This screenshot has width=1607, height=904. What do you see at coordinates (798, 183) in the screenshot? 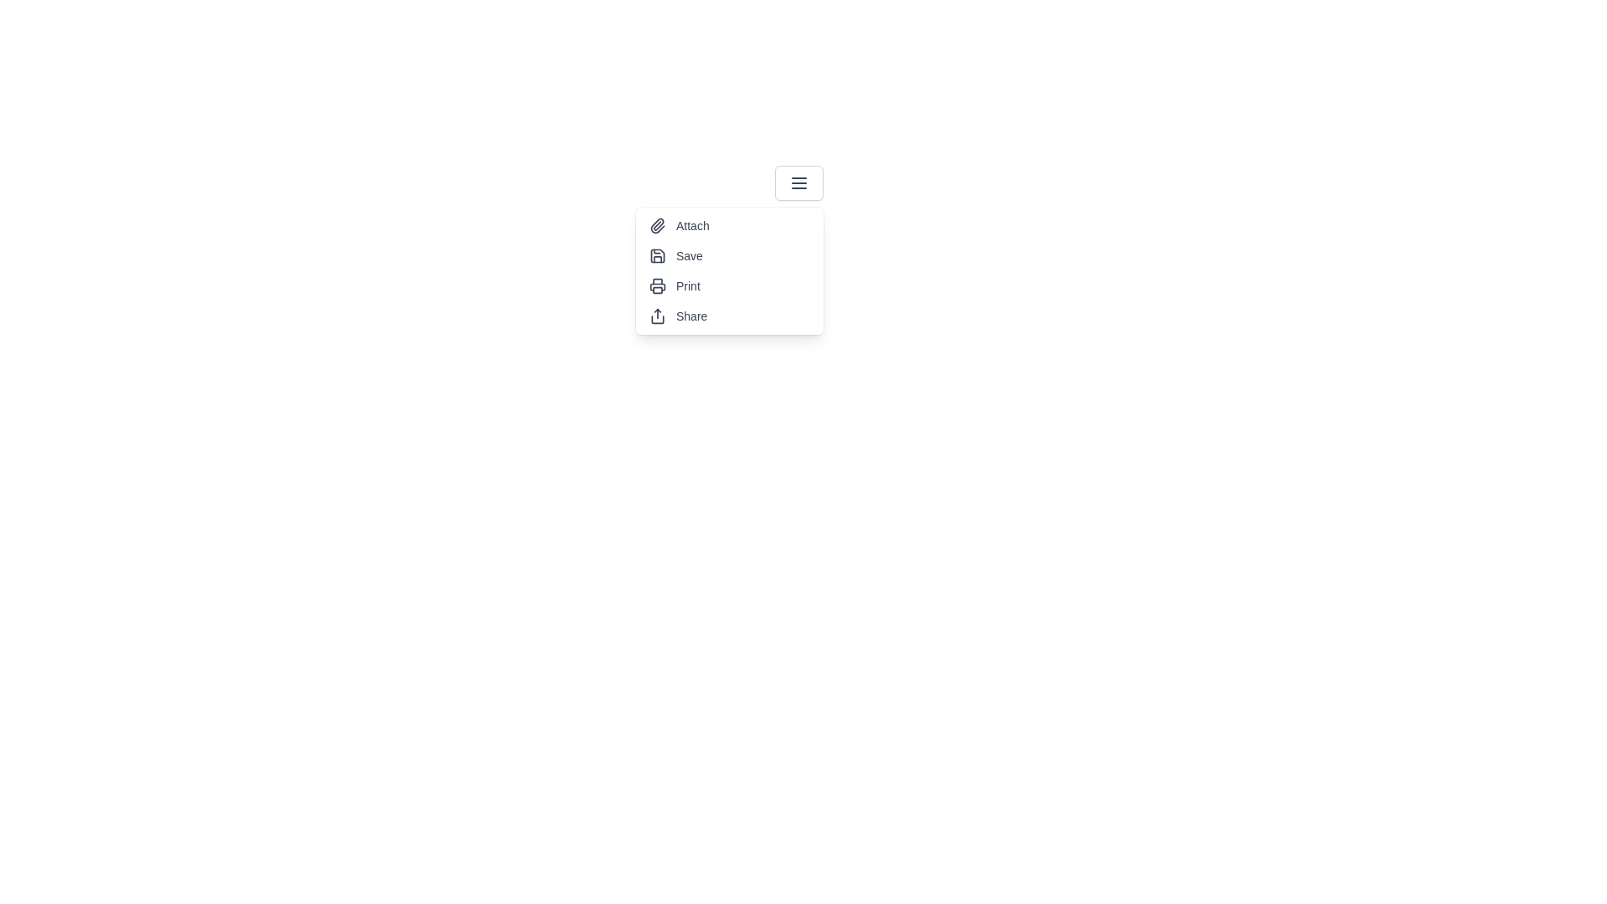
I see `the menu icon button located in the top-right region of the group` at bounding box center [798, 183].